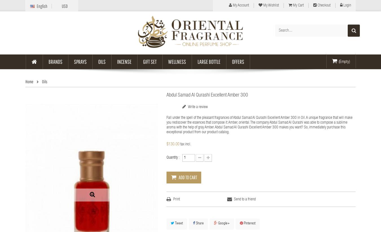  I want to click on 'Send to a friend', so click(244, 200).